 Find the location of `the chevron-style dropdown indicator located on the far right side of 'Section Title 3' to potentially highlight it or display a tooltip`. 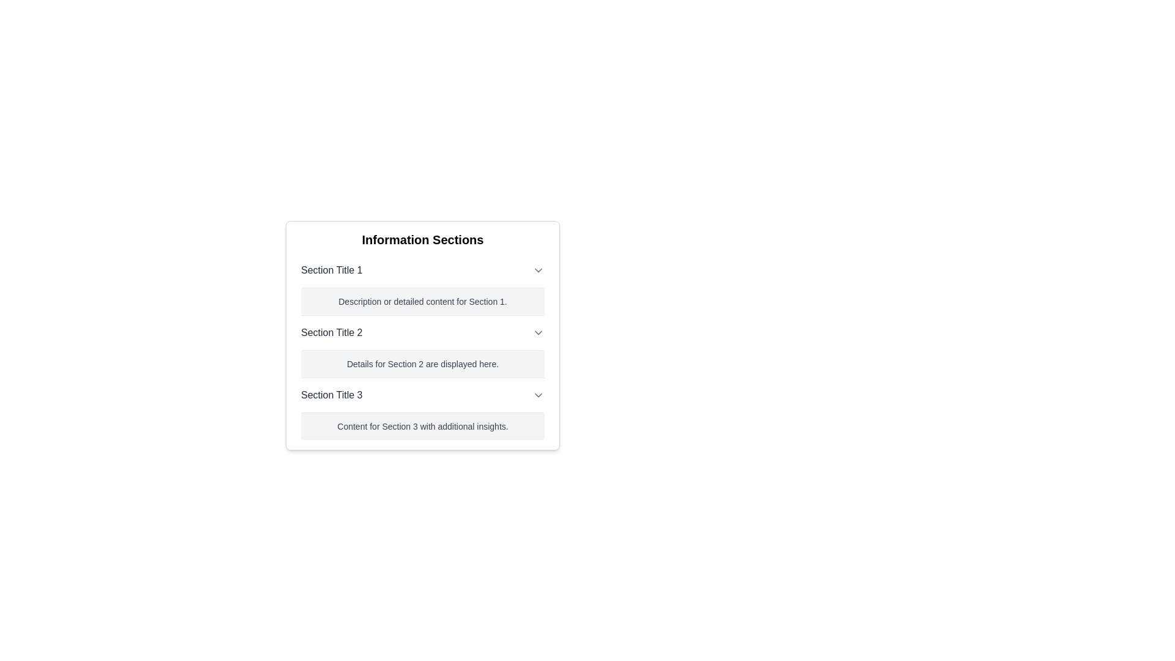

the chevron-style dropdown indicator located on the far right side of 'Section Title 3' to potentially highlight it or display a tooltip is located at coordinates (538, 395).